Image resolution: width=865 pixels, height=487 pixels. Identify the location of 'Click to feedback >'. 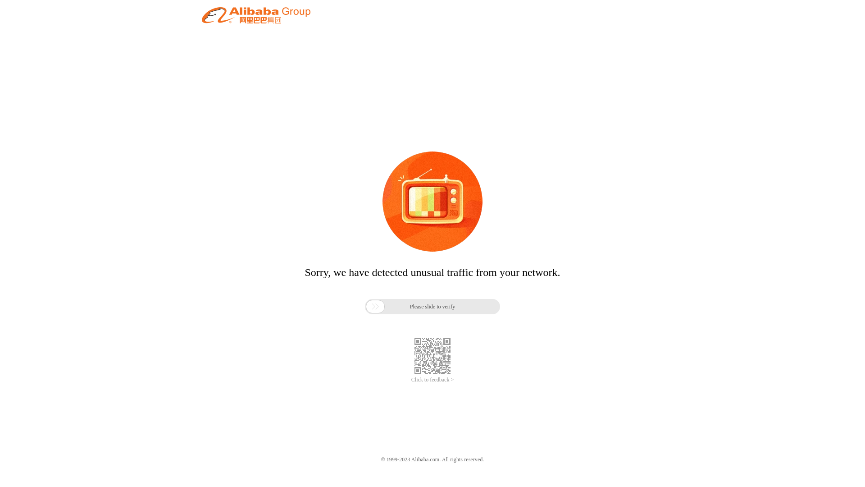
(432, 380).